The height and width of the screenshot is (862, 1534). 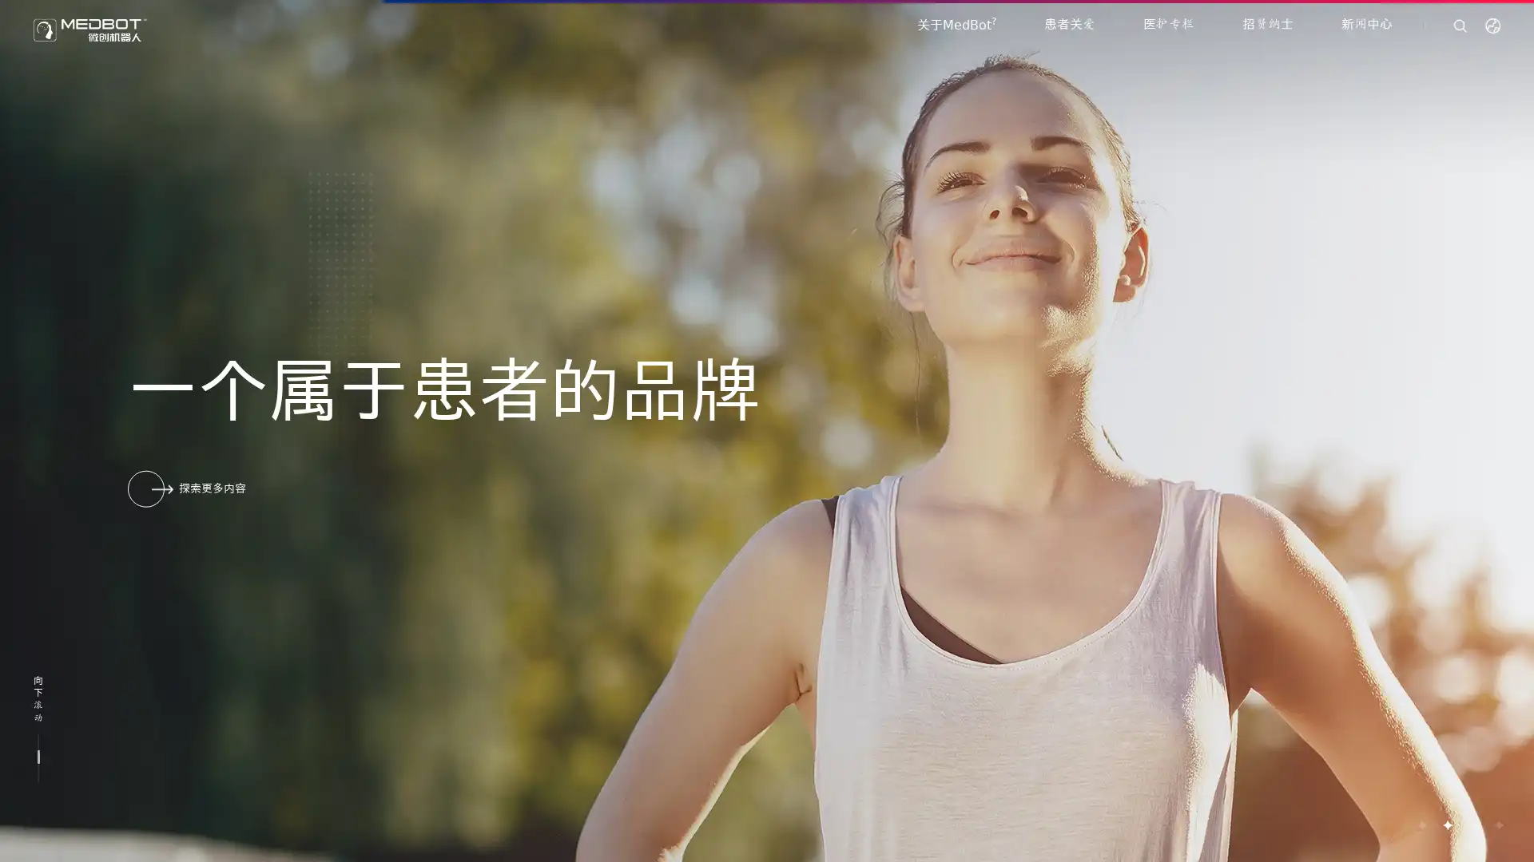 I want to click on Go to slide 4, so click(x=1497, y=824).